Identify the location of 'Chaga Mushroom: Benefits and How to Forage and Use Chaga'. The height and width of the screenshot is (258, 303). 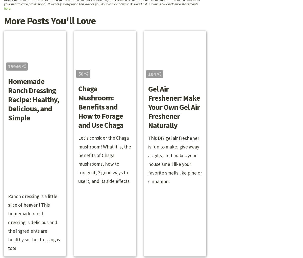
(100, 106).